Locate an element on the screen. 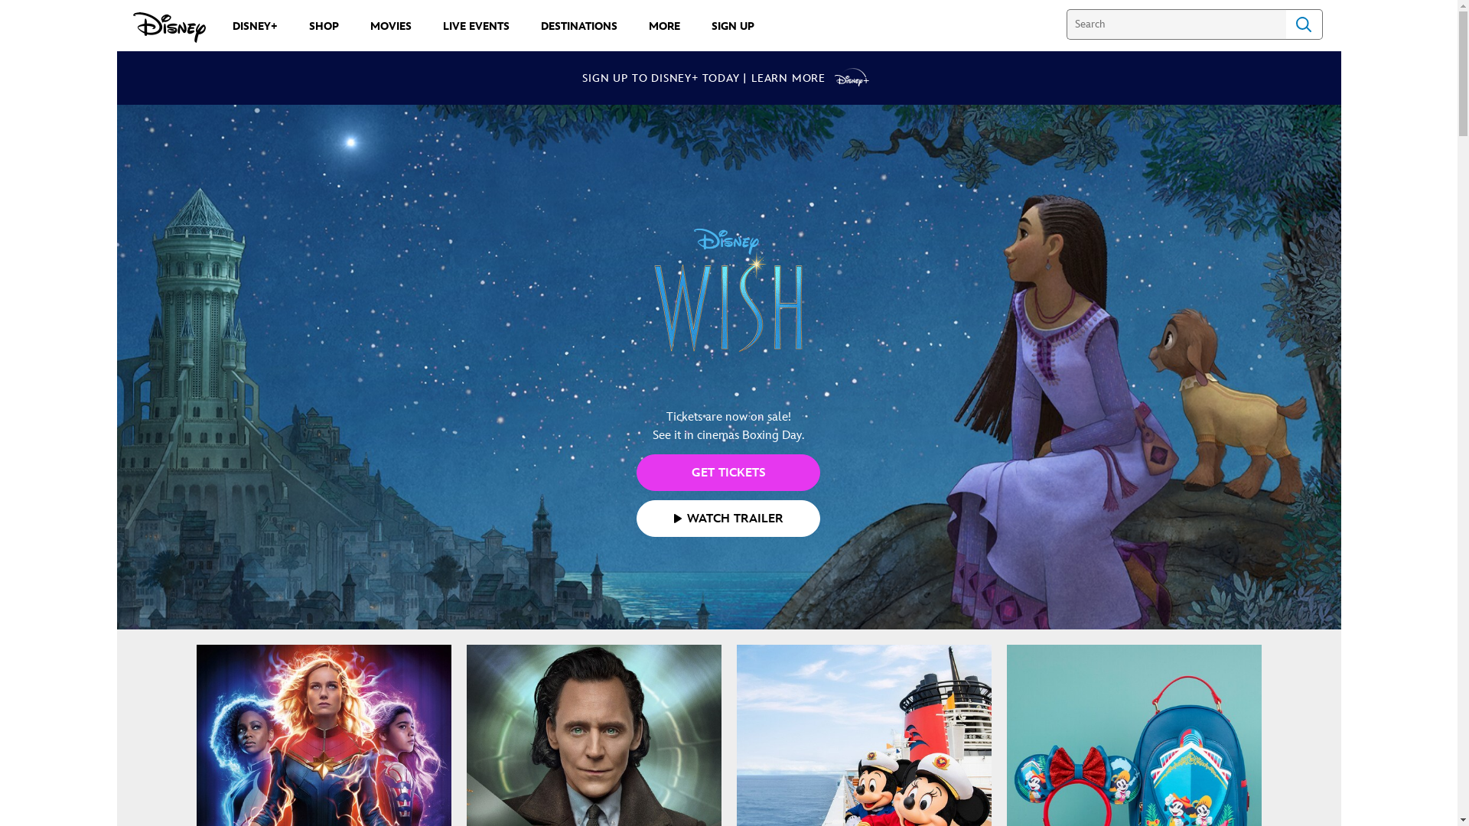 The width and height of the screenshot is (1469, 826). 'MORE' is located at coordinates (664, 25).